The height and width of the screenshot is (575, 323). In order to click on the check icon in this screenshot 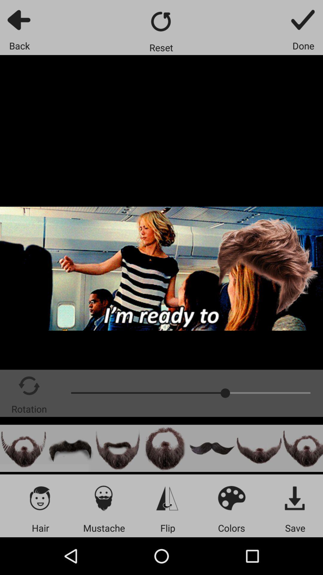, I will do `click(303, 19)`.